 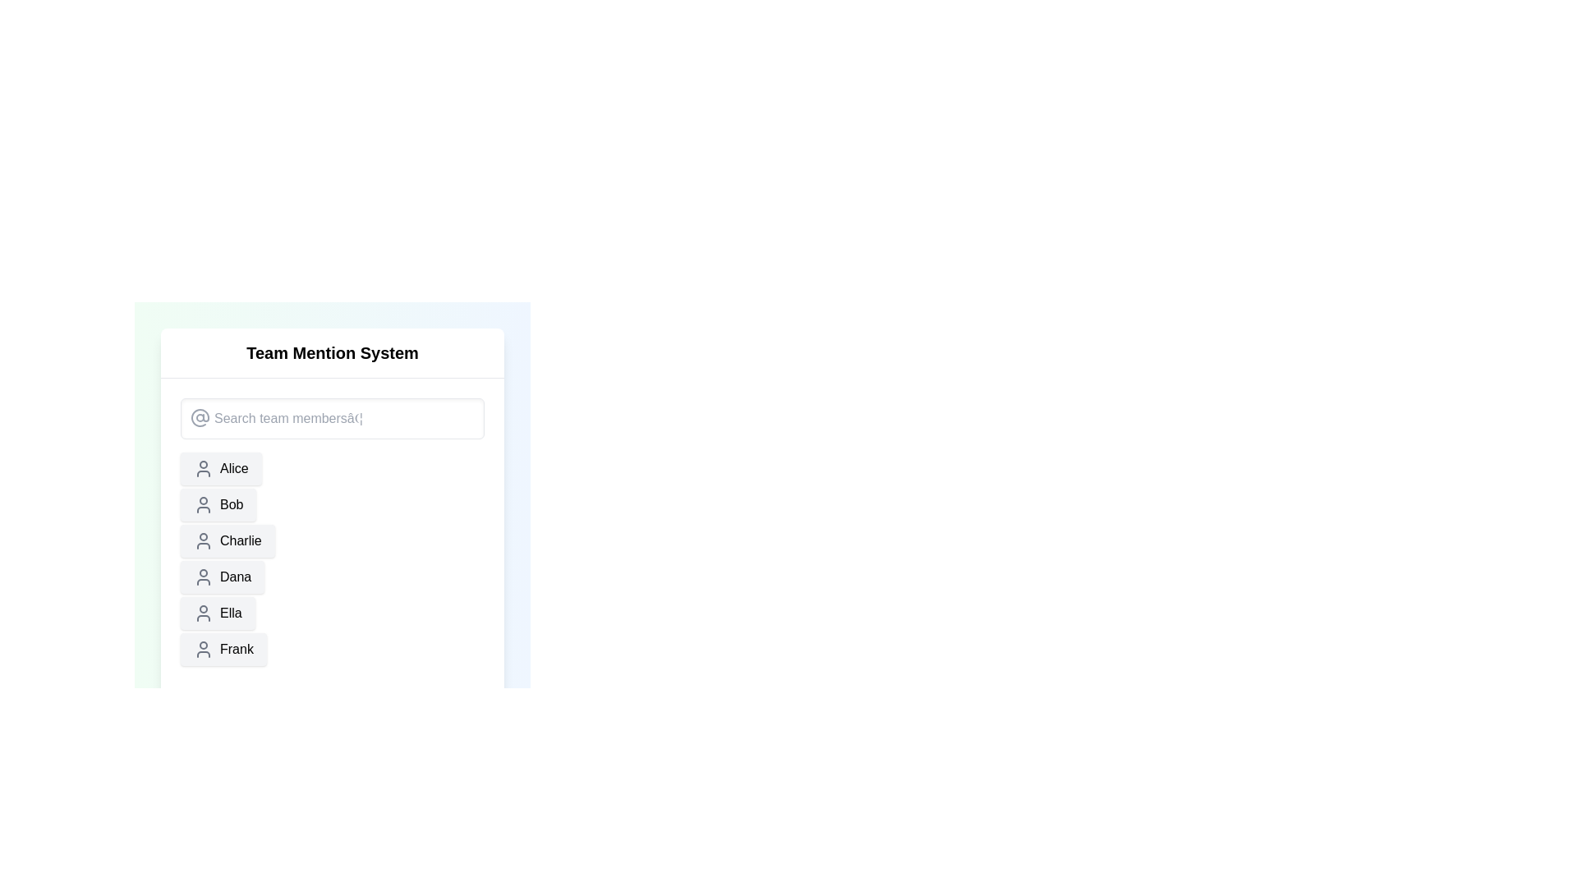 What do you see at coordinates (203, 468) in the screenshot?
I see `the user icon, which is a minimalistic gray line-drawing representation with a circular head and semi-circular body, located to the left of the text 'Alice' in the member selection menu` at bounding box center [203, 468].